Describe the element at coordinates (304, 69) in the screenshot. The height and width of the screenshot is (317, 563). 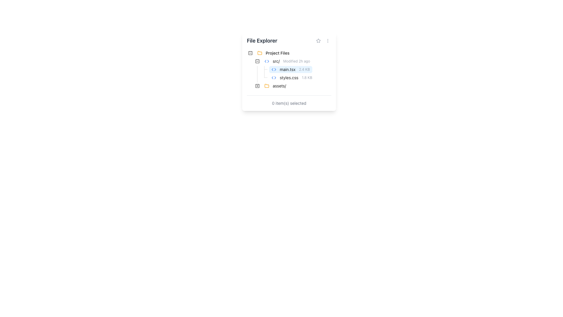
I see `the metadata text element that displays the file size of 'main.tsx', located to the right of the 'main.tsx' label in the file explorer interface` at that location.